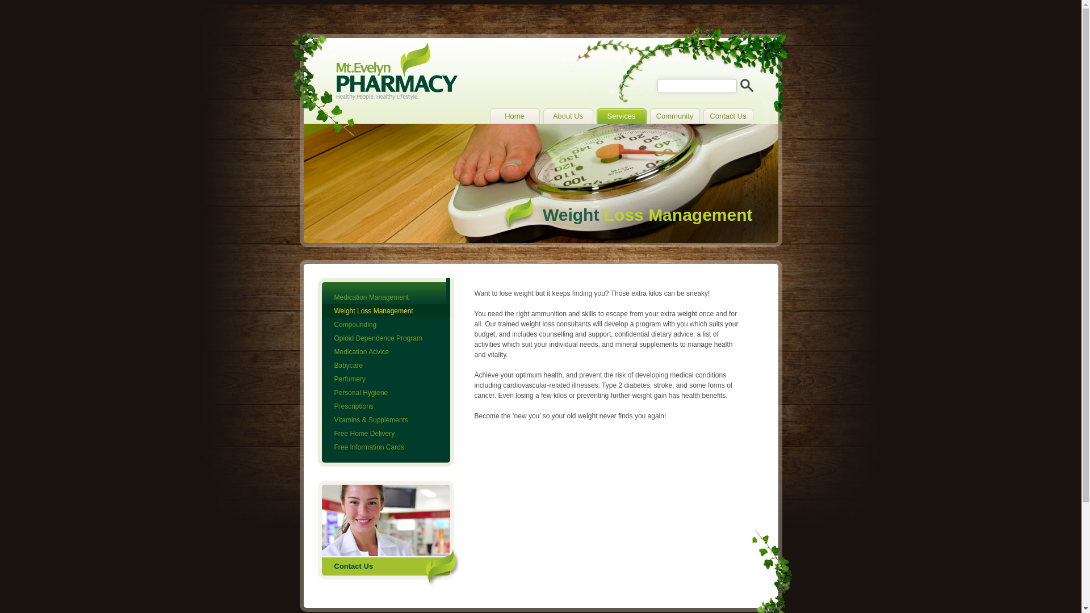  I want to click on 'Medication Advice', so click(321, 351).